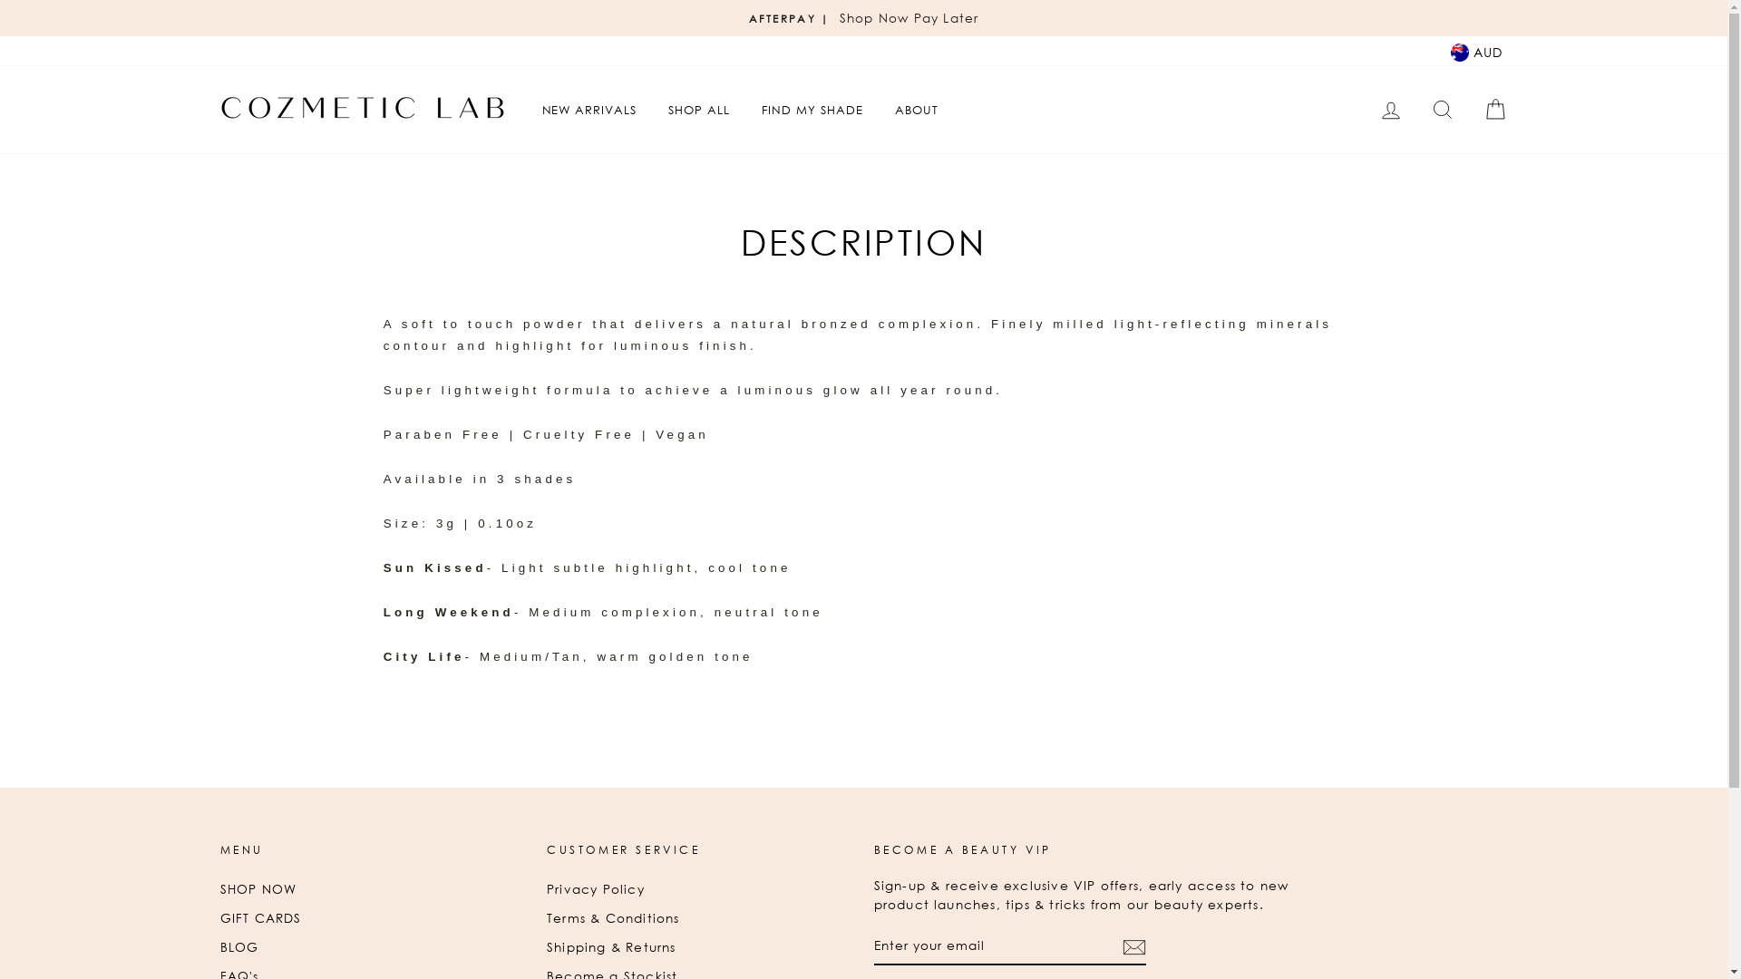 The image size is (1741, 979). What do you see at coordinates (0, 0) in the screenshot?
I see `'Skip to content'` at bounding box center [0, 0].